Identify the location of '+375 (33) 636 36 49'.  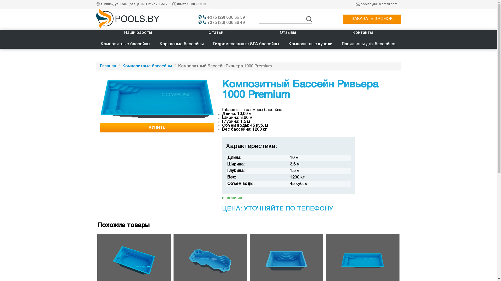
(223, 23).